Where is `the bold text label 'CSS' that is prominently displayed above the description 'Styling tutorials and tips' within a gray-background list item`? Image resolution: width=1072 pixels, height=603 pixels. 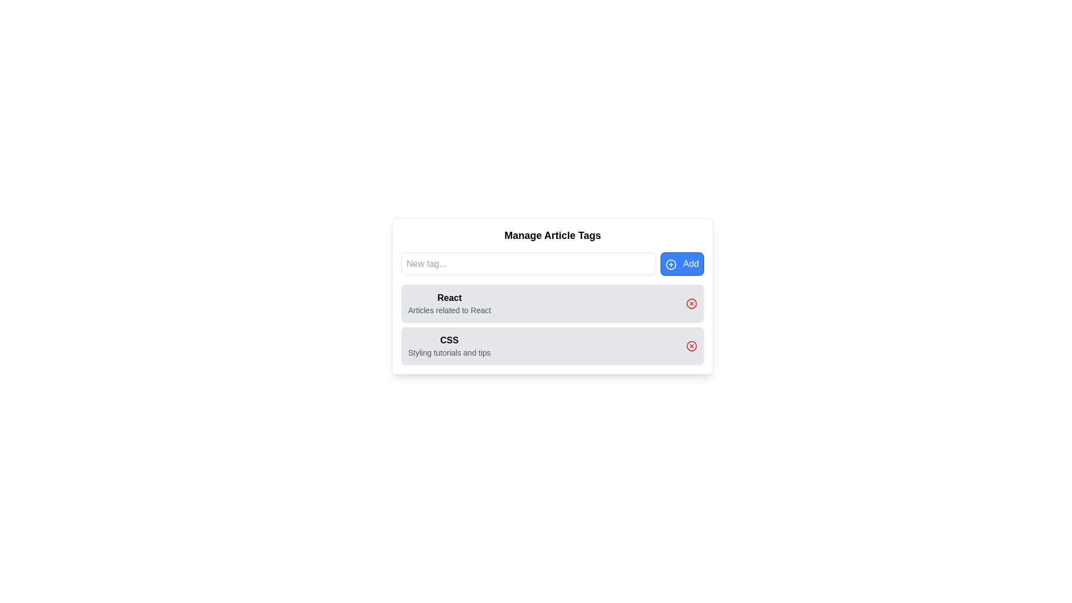
the bold text label 'CSS' that is prominently displayed above the description 'Styling tutorials and tips' within a gray-background list item is located at coordinates (449, 339).